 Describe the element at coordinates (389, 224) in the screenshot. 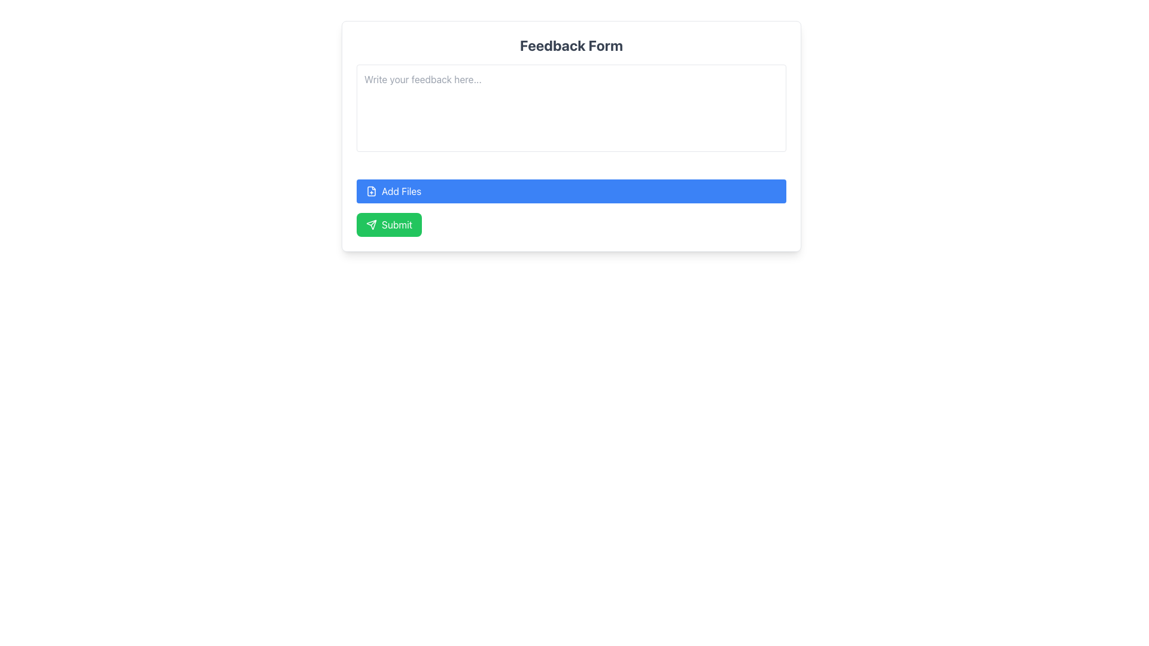

I see `the 'Submit' button with a green background and white text` at that location.